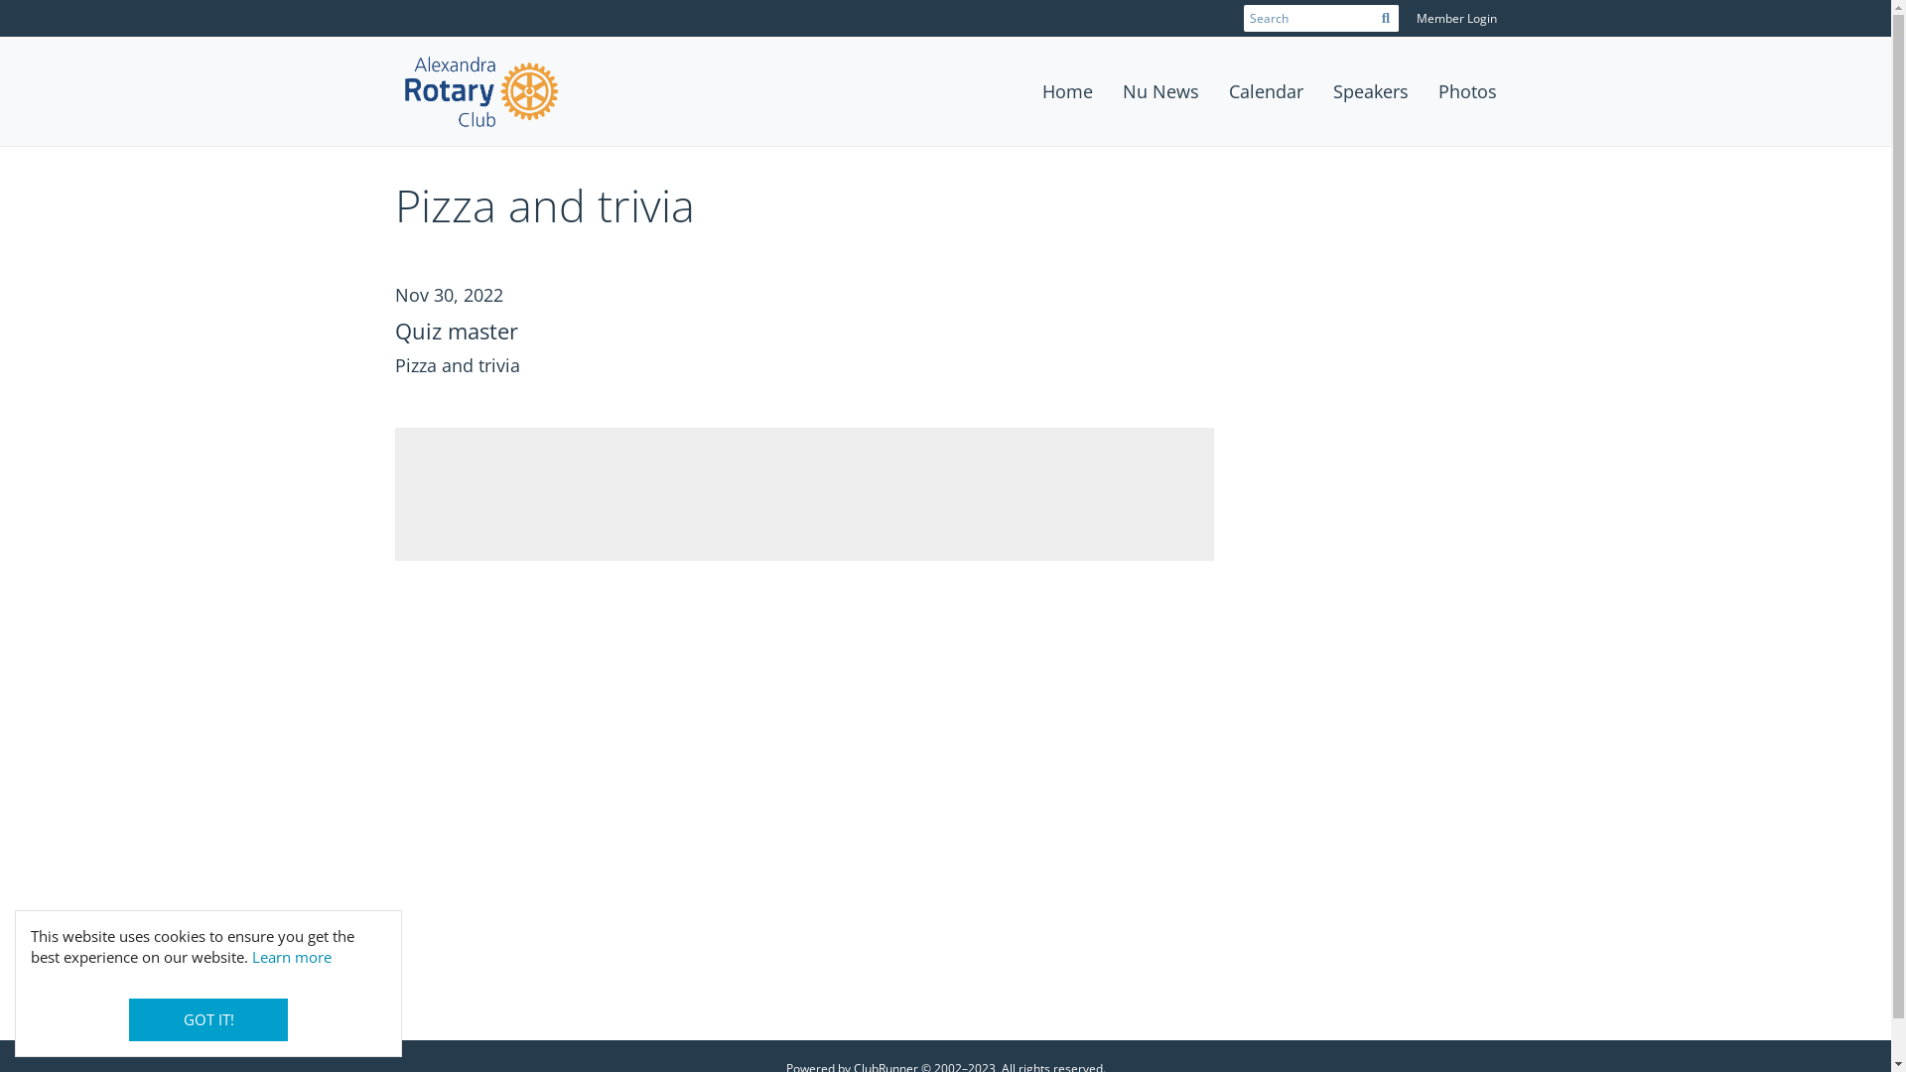 The height and width of the screenshot is (1072, 1906). Describe the element at coordinates (1065, 91) in the screenshot. I see `'Home'` at that location.